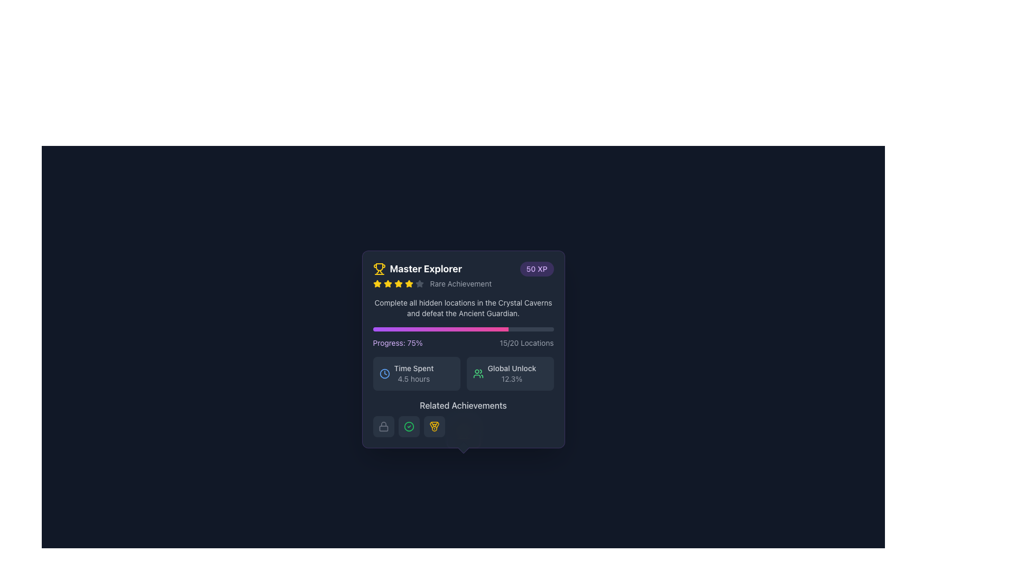 This screenshot has width=1015, height=571. Describe the element at coordinates (426, 269) in the screenshot. I see `the 'Master Explorer' text label, which is prominently displayed in bold white font and located in the top-left corner of its enclosing card-style UI element` at that location.